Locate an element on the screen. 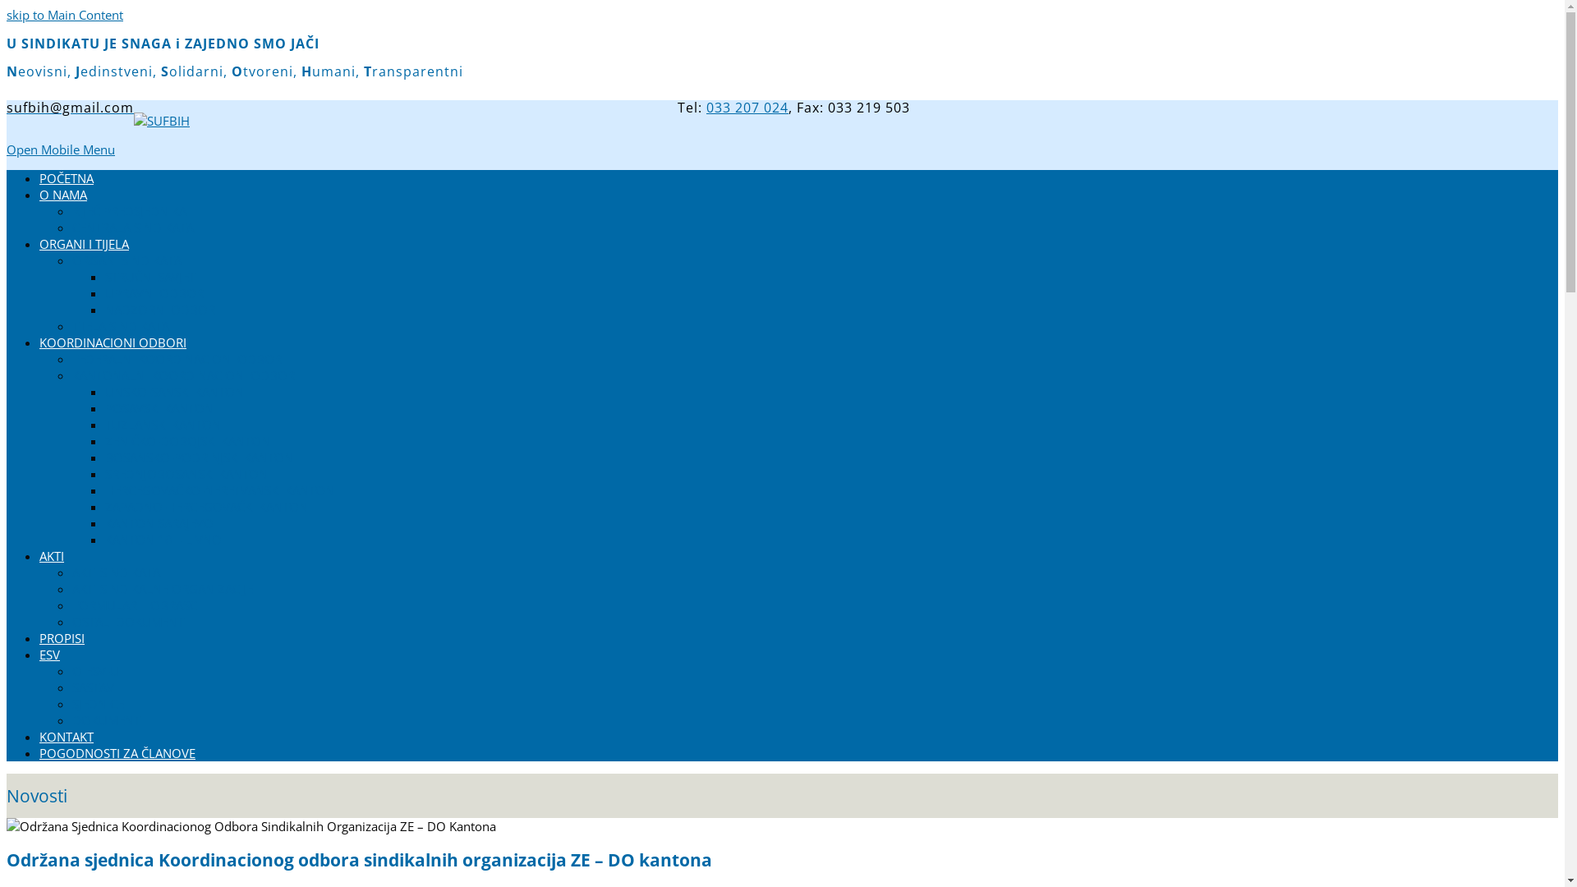 This screenshot has height=887, width=1577. 'AKTI' is located at coordinates (51, 555).